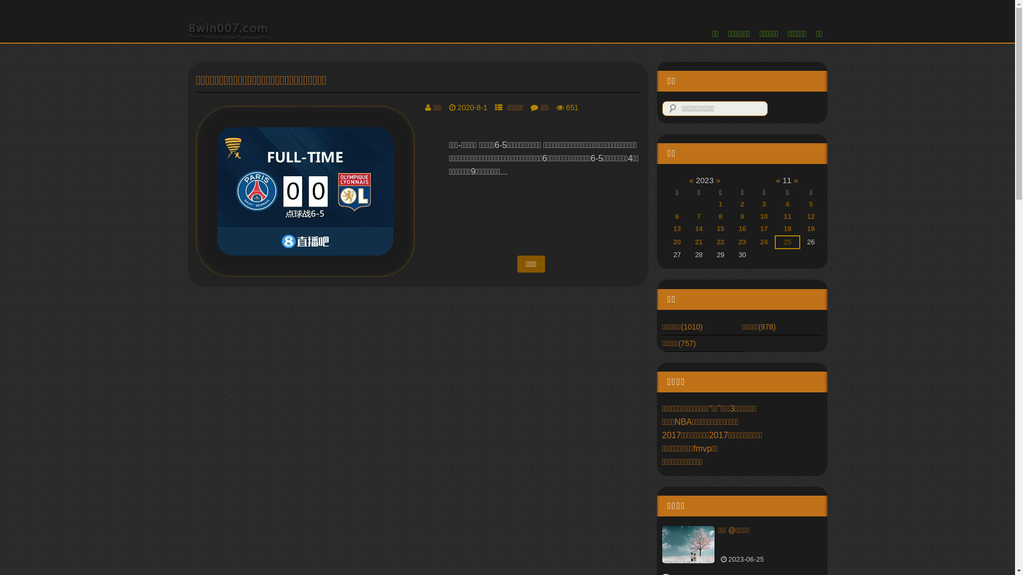  What do you see at coordinates (763, 204) in the screenshot?
I see `'3'` at bounding box center [763, 204].